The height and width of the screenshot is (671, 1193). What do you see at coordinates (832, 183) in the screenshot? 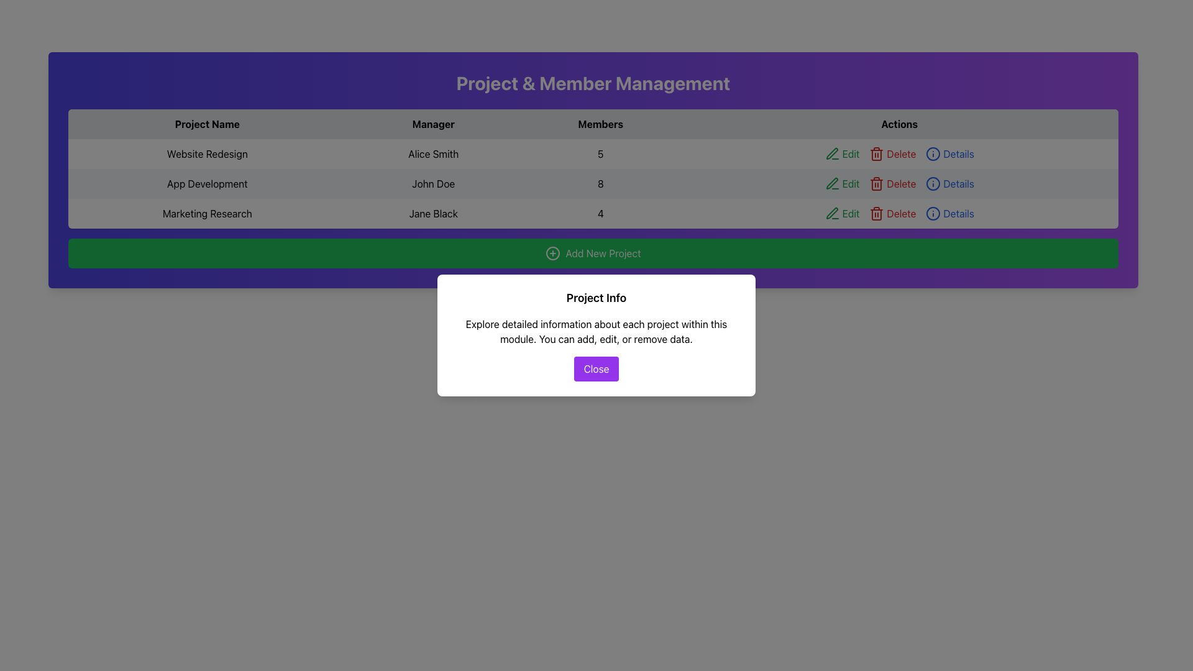
I see `the Icon button for editing project details located in the 'Actions' column of the 'Project & Member Management' table for the 'App Development' project` at bounding box center [832, 183].